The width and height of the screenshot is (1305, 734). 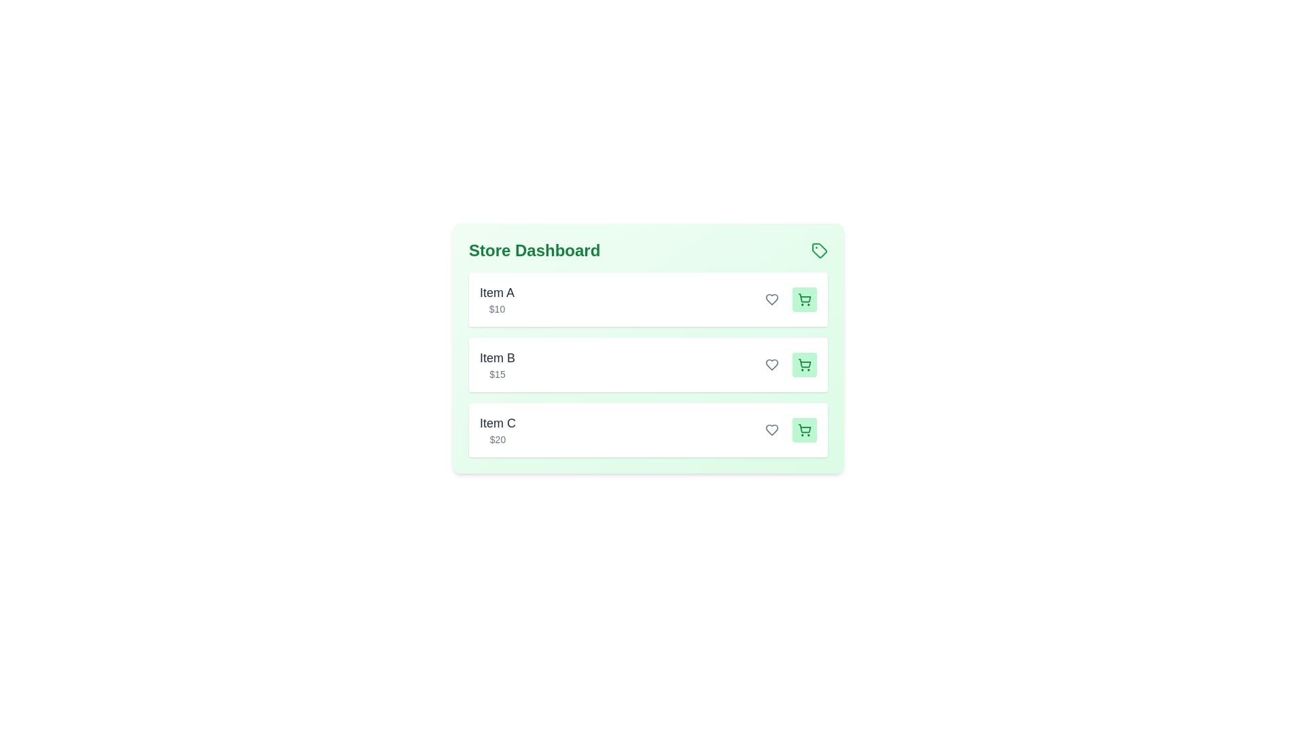 What do you see at coordinates (772, 364) in the screenshot?
I see `the heart-shaped icon located to the right of 'Item B' in the second row` at bounding box center [772, 364].